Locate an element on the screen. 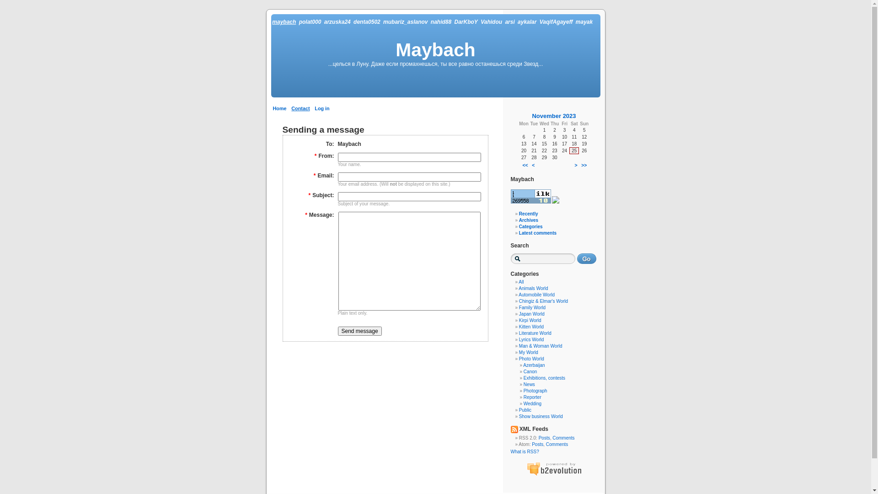 The image size is (878, 494). '<' is located at coordinates (533, 165).